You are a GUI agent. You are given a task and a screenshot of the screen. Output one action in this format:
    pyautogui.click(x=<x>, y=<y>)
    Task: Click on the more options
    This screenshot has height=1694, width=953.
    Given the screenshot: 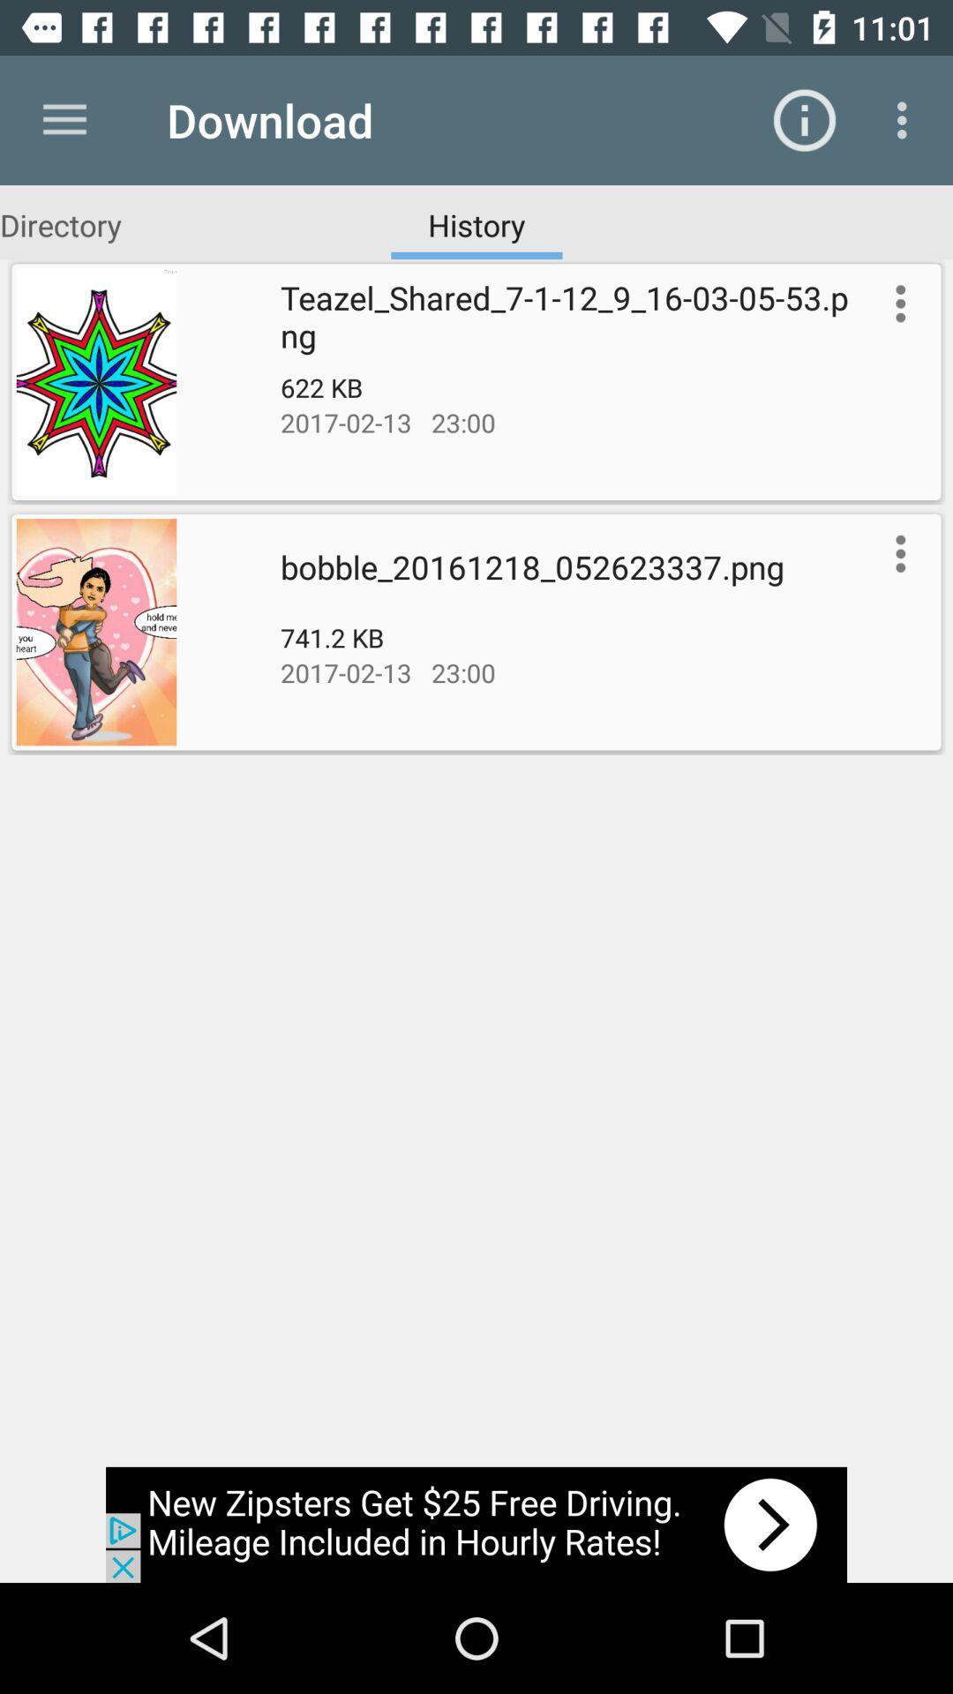 What is the action you would take?
    pyautogui.click(x=897, y=552)
    